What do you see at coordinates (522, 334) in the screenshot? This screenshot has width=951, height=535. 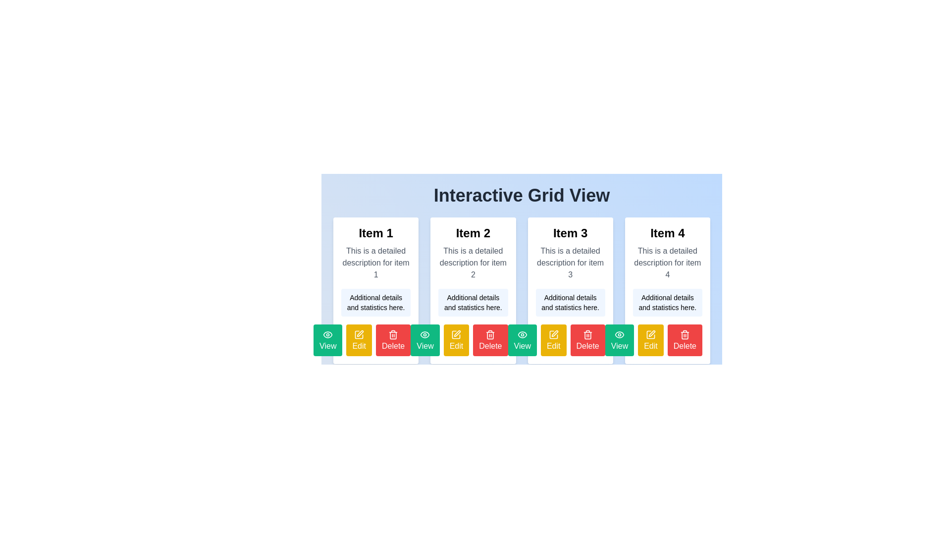 I see `the eye-shaped icon within the 'View' button located below 'Item 3'` at bounding box center [522, 334].